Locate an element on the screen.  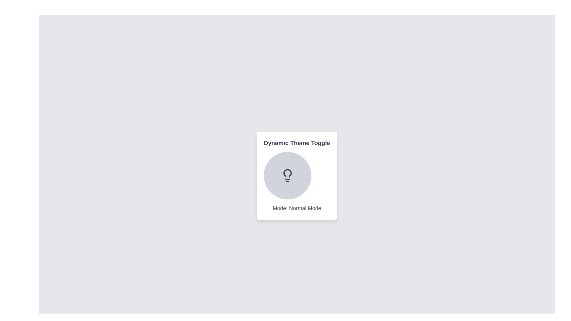
the button to toggle its state is located at coordinates (287, 175).